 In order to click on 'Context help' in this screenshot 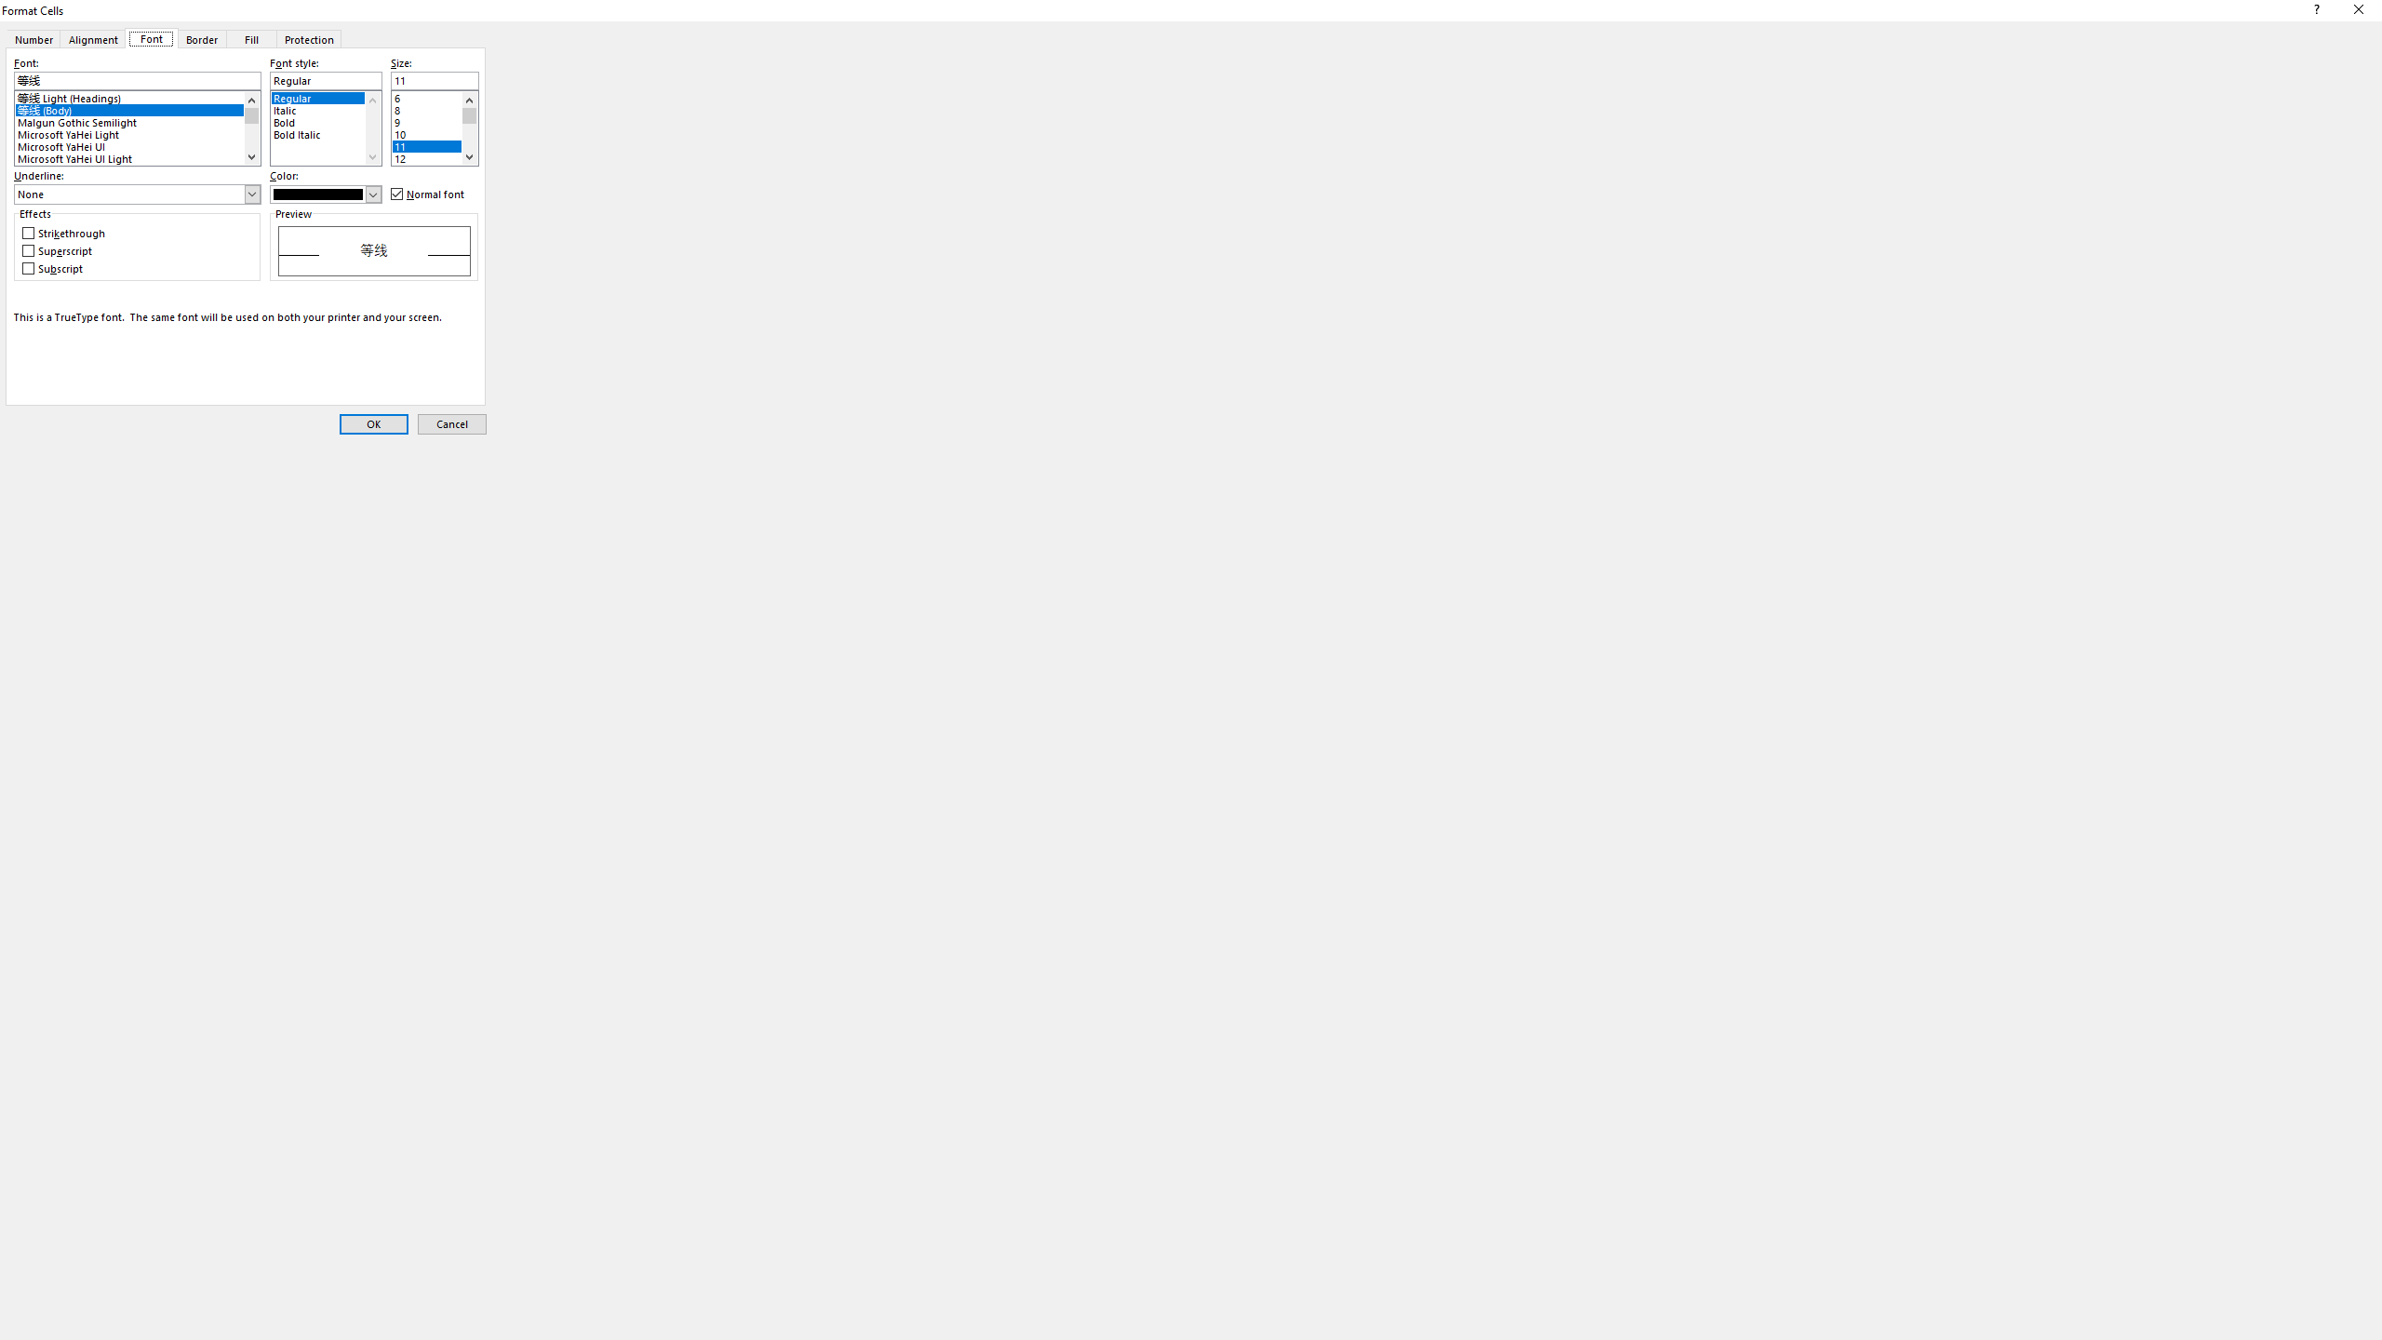, I will do `click(2314, 14)`.